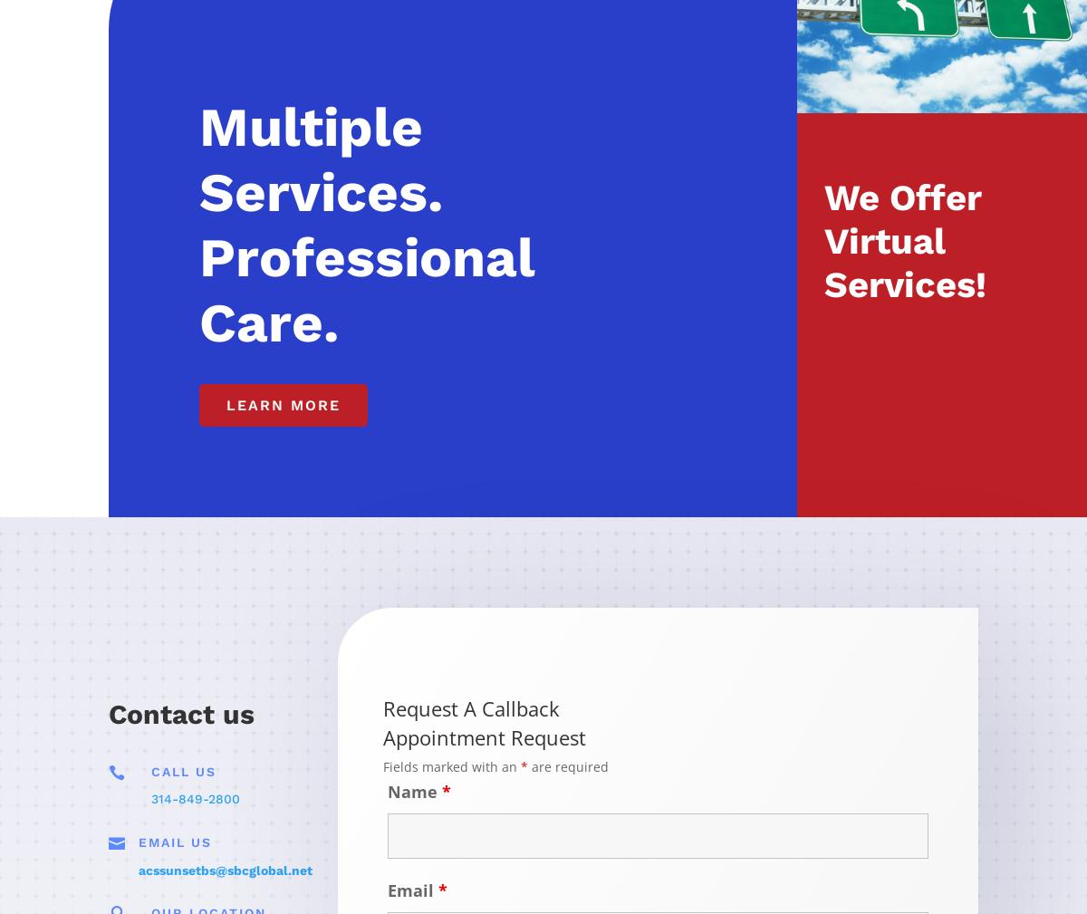 The height and width of the screenshot is (914, 1087). What do you see at coordinates (412, 889) in the screenshot?
I see `'Email'` at bounding box center [412, 889].